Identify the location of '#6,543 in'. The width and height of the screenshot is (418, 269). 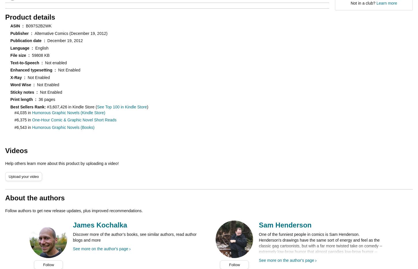
(23, 127).